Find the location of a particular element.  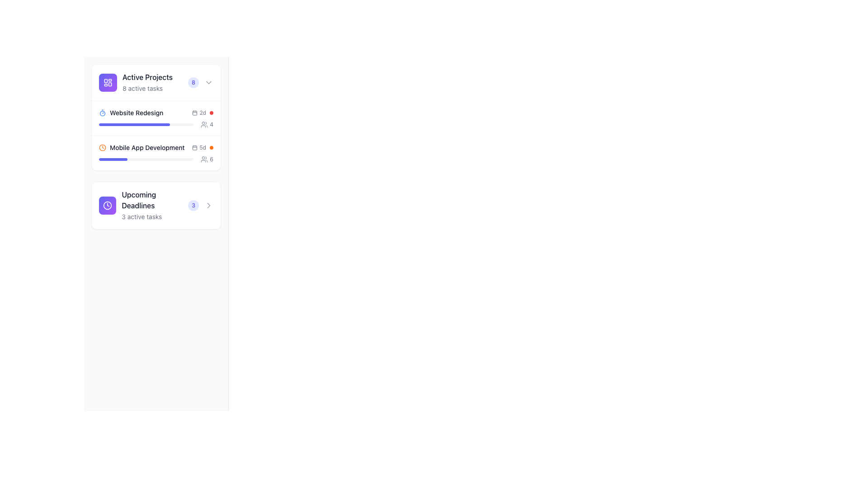

the 'Website Redesign' project entry in the 'Active Projects' section is located at coordinates (131, 113).